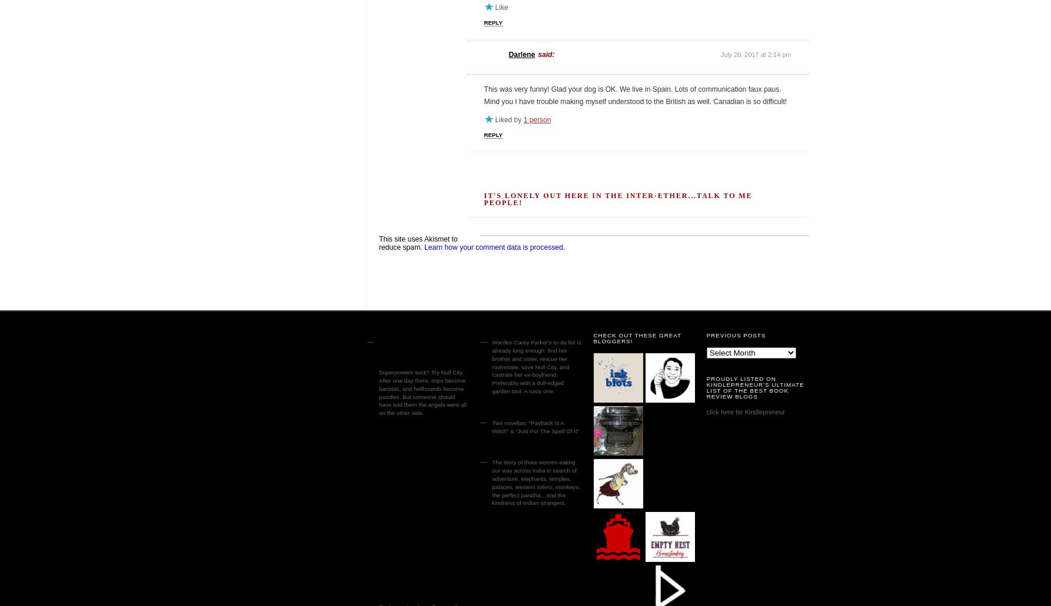  Describe the element at coordinates (617, 198) in the screenshot. I see `'It's lonely out here in the inter-ether...Talk to me people!'` at that location.